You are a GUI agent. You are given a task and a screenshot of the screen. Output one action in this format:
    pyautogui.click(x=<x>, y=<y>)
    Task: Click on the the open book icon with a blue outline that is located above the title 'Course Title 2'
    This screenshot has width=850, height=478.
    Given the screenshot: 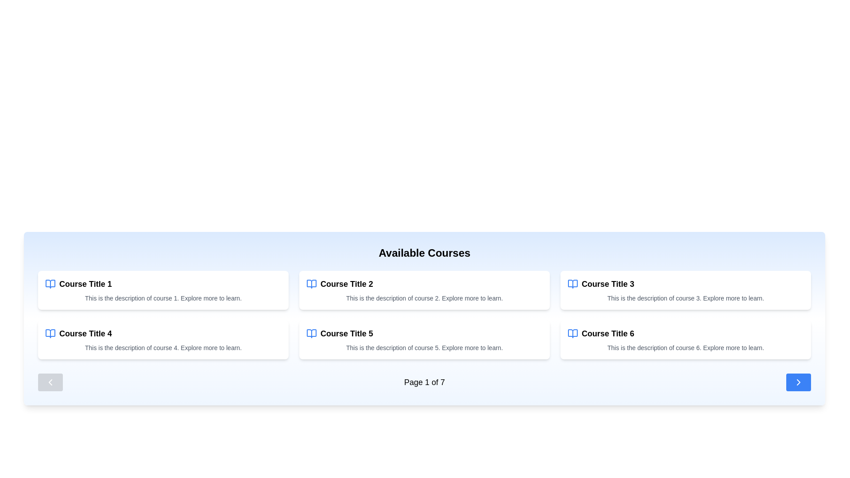 What is the action you would take?
    pyautogui.click(x=312, y=284)
    